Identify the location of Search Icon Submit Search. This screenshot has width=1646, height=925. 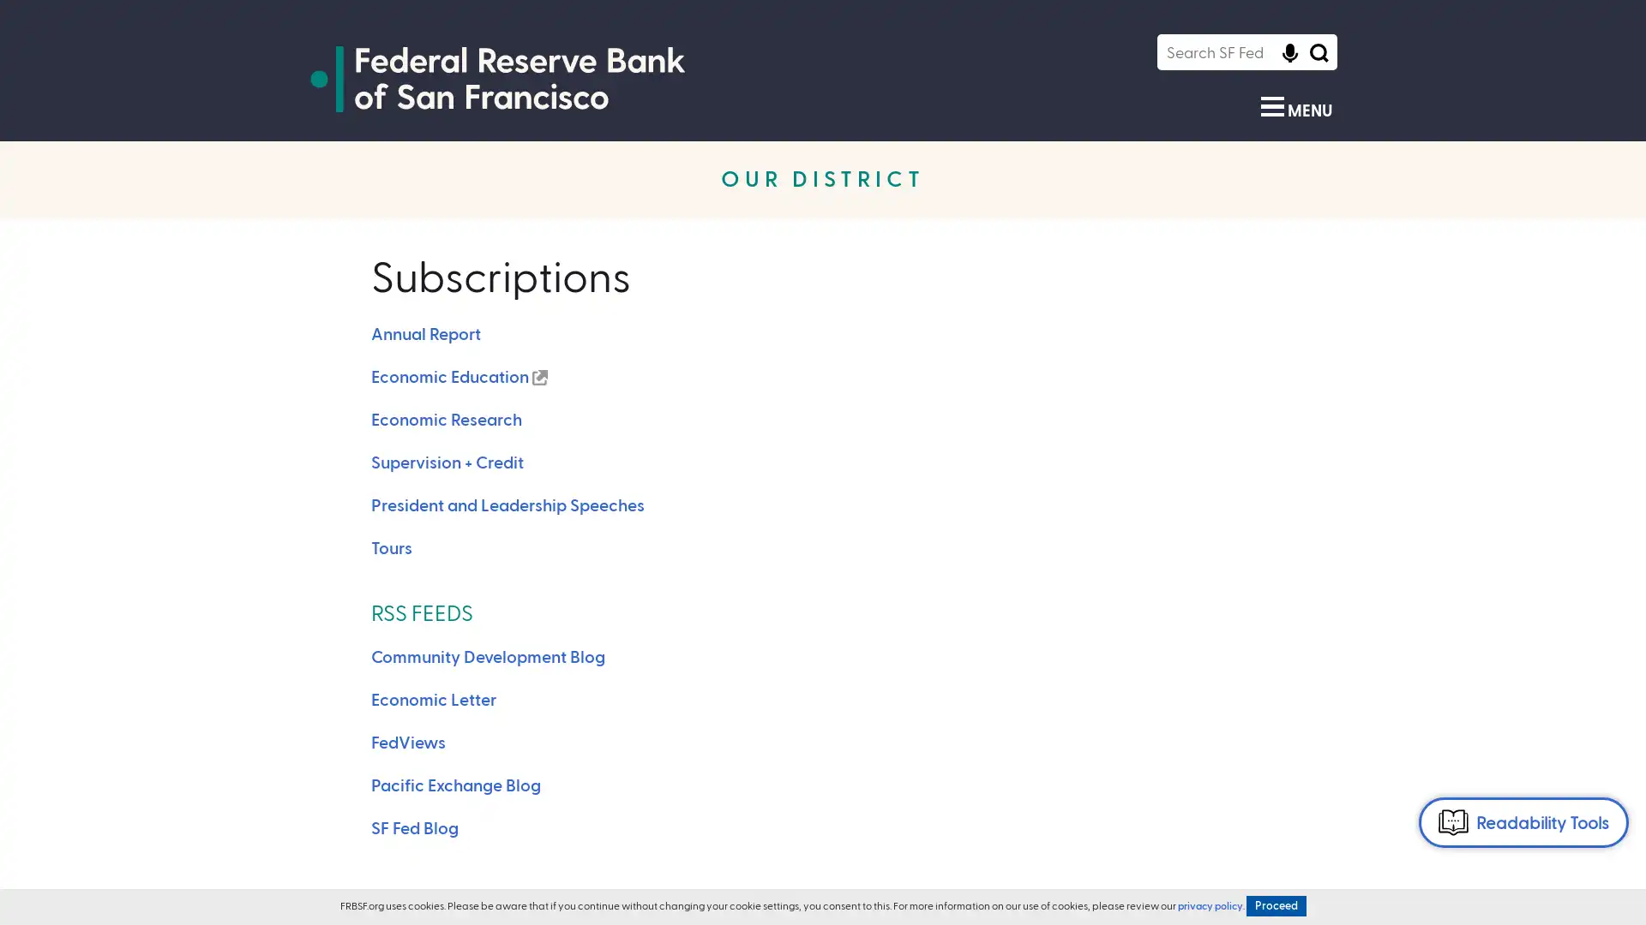
(1319, 51).